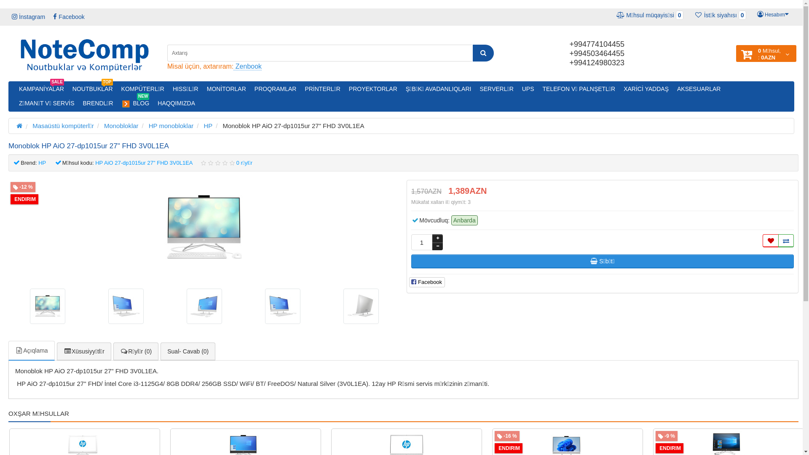 The height and width of the screenshot is (455, 809). What do you see at coordinates (699, 89) in the screenshot?
I see `'AKSESUARLAR'` at bounding box center [699, 89].